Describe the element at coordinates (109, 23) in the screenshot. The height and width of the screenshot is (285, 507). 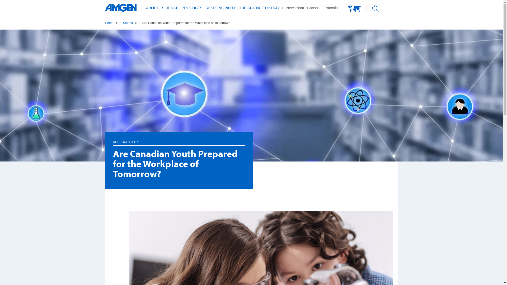
I see `'Home'` at that location.